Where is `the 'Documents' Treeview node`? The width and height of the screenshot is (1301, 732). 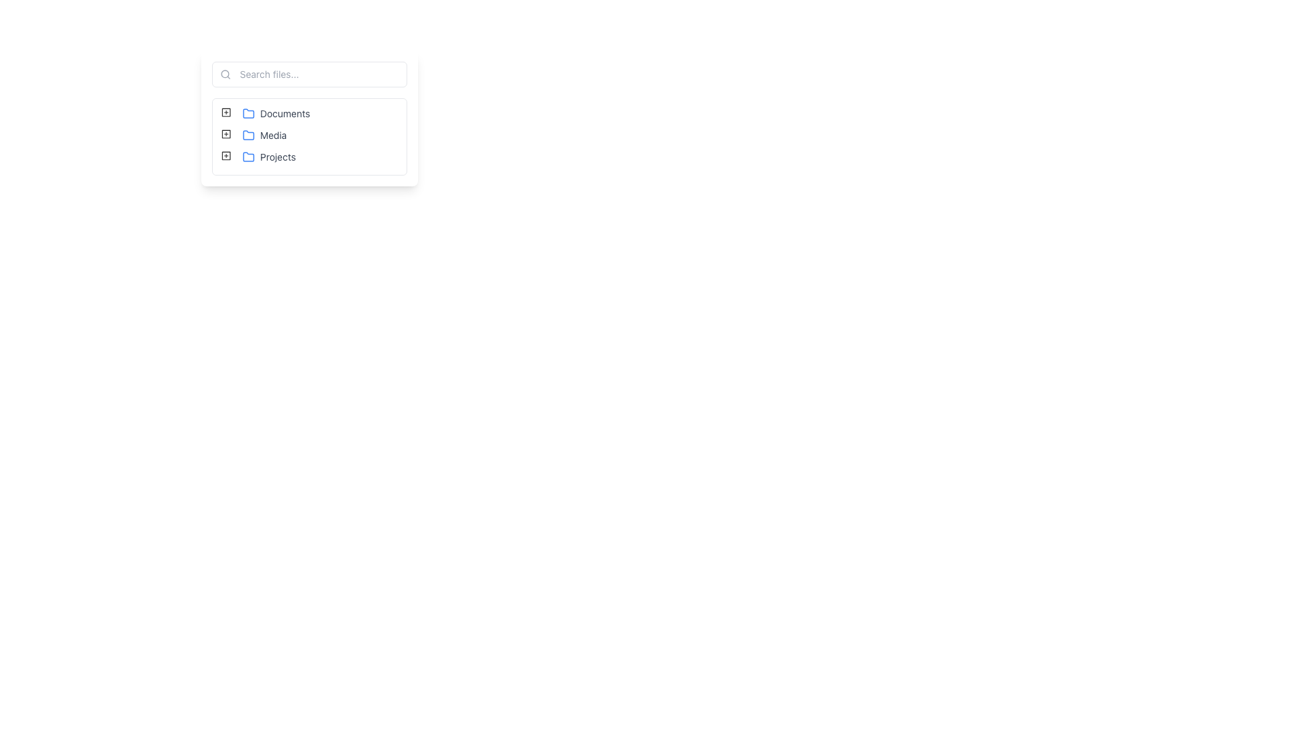 the 'Documents' Treeview node is located at coordinates (275, 113).